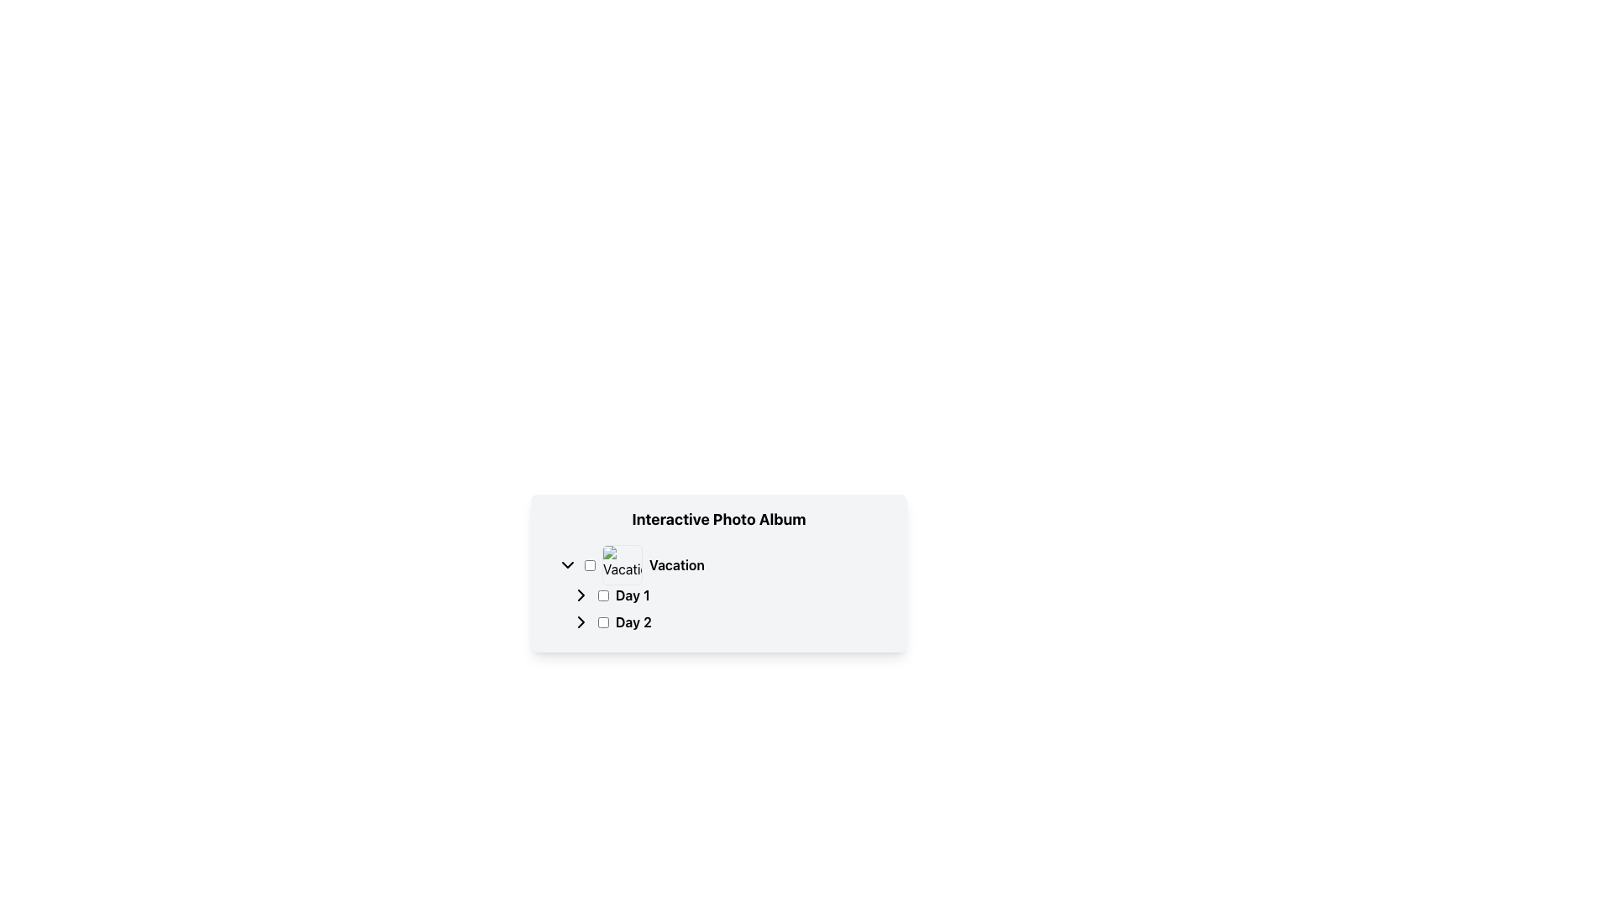 This screenshot has height=907, width=1613. What do you see at coordinates (603, 595) in the screenshot?
I see `the checkbox located to the left of the label 'Day 1'` at bounding box center [603, 595].